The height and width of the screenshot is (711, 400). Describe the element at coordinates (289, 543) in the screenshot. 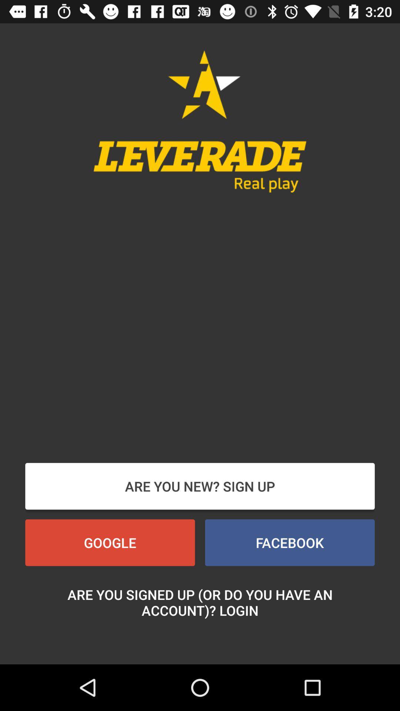

I see `the button below the are you new item` at that location.